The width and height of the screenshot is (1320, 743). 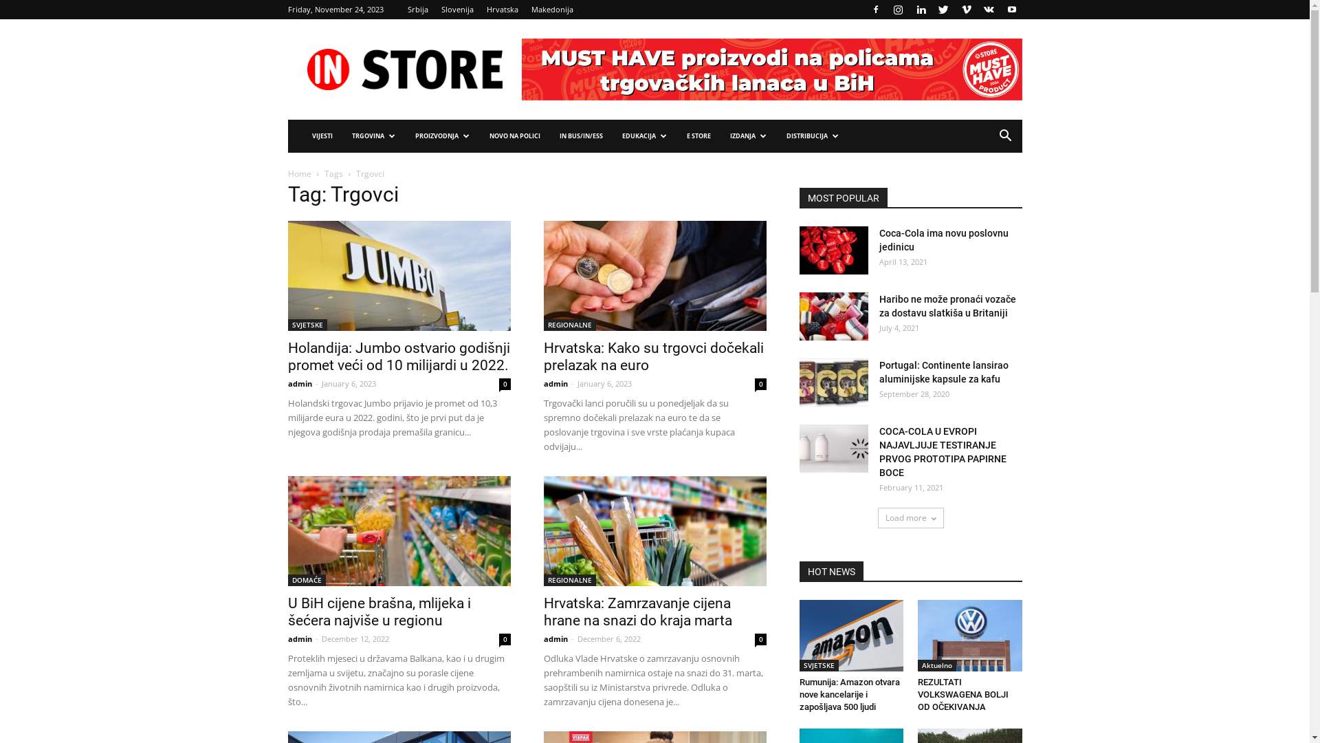 I want to click on 'REGIONALNE', so click(x=569, y=325).